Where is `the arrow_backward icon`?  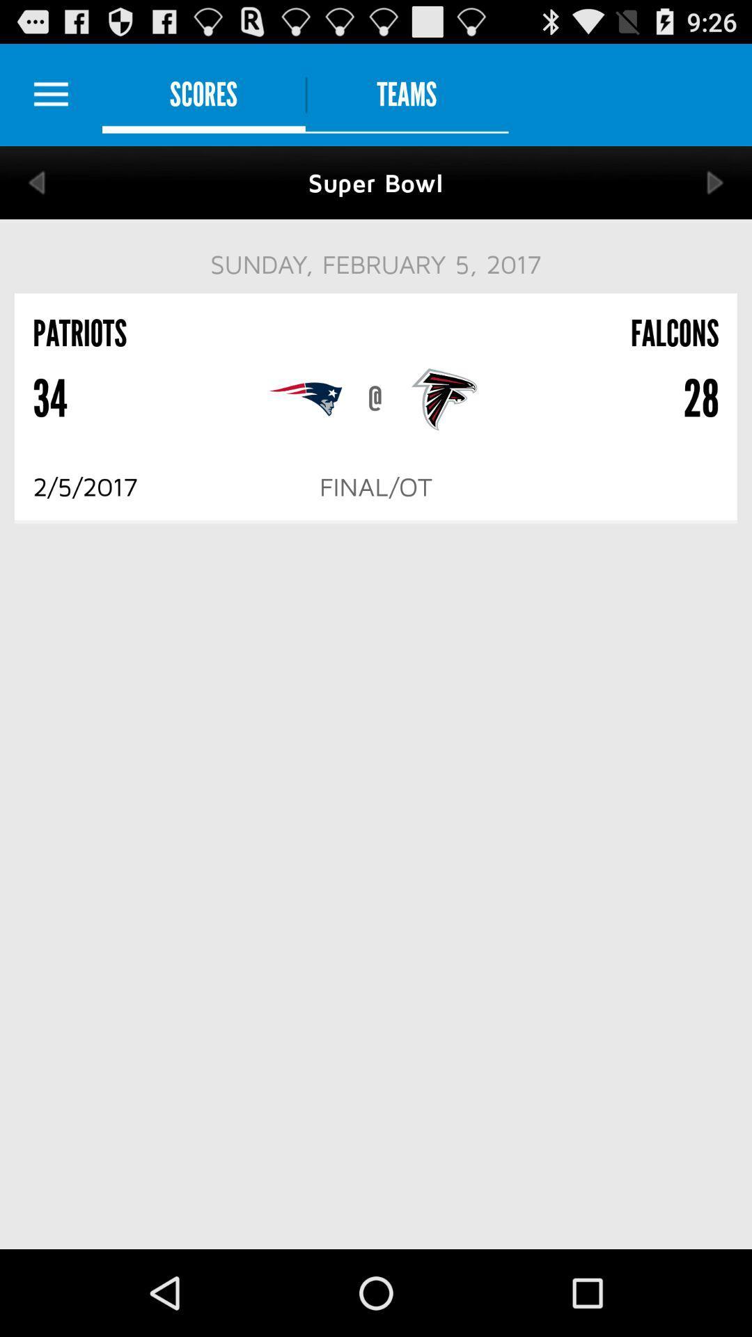 the arrow_backward icon is located at coordinates (36, 194).